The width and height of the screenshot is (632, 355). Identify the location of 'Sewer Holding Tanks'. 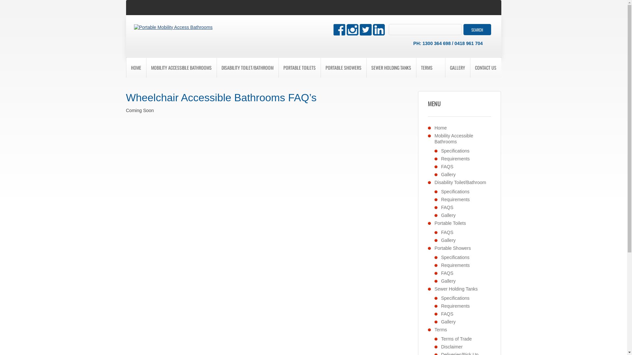
(456, 289).